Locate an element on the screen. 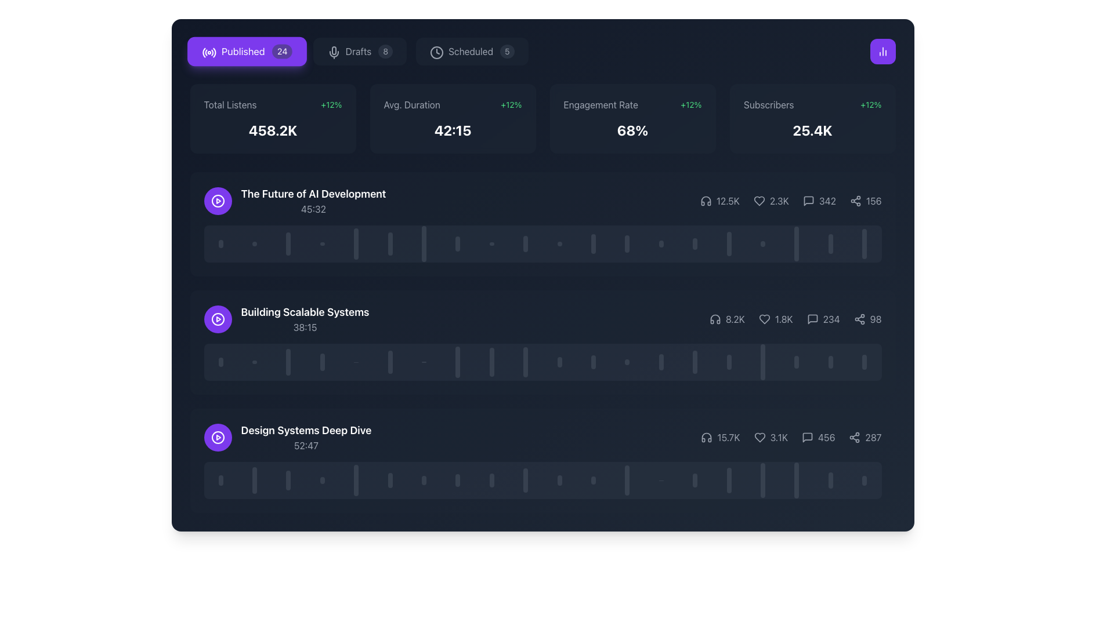 The image size is (1114, 626). the Information card displaying 'Engagement Rate' with a dark gray background, rounded corners, and a blurred effect, which is the third card in a horizontal grid layout is located at coordinates (632, 118).